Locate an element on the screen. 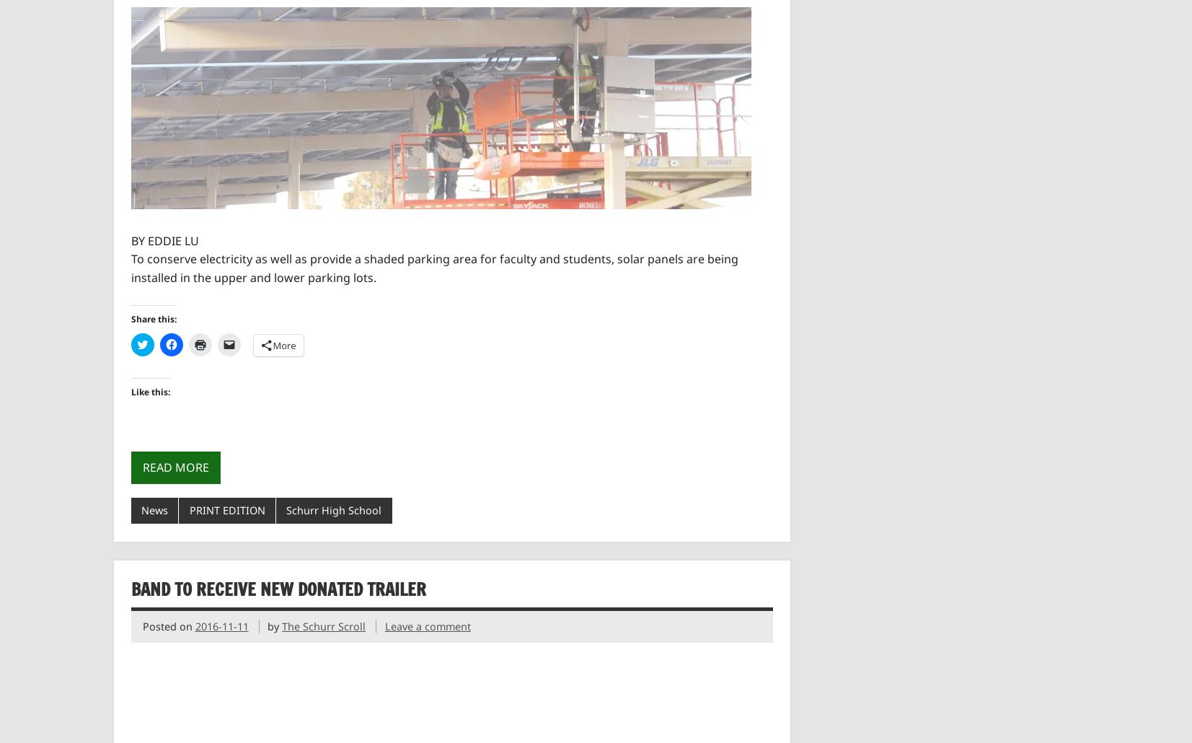 The height and width of the screenshot is (743, 1192). 'Band to receive new donated trailer' is located at coordinates (277, 587).